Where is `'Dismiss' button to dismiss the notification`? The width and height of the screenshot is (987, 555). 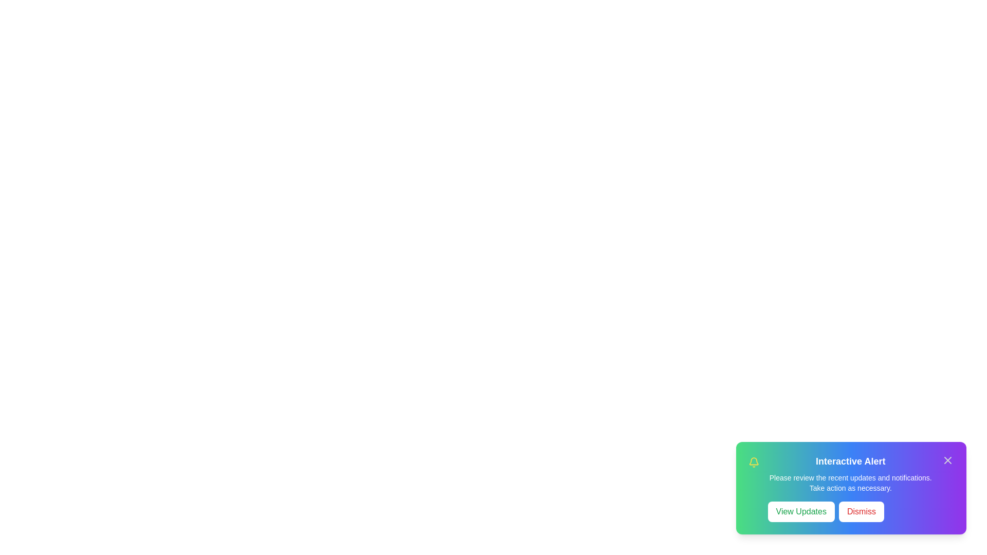 'Dismiss' button to dismiss the notification is located at coordinates (861, 511).